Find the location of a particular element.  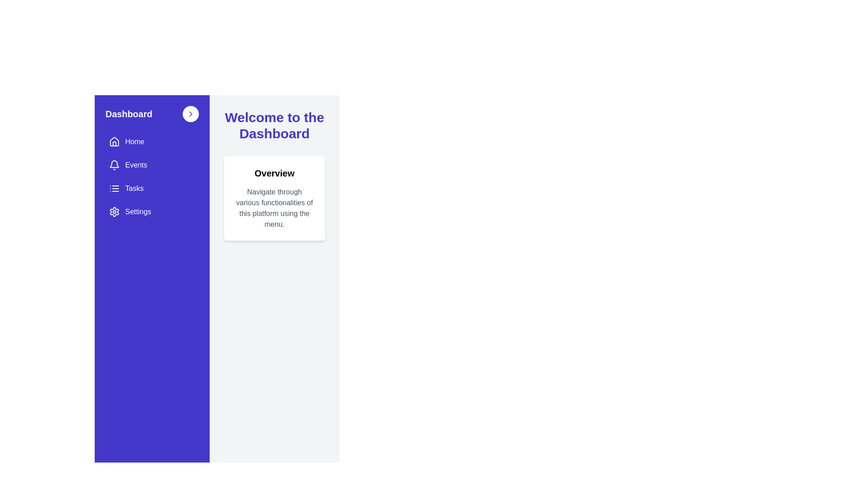

the first text label in the left vertical blue navigation bar, which serves as a navigational indicator for the current section being viewed is located at coordinates (128, 114).